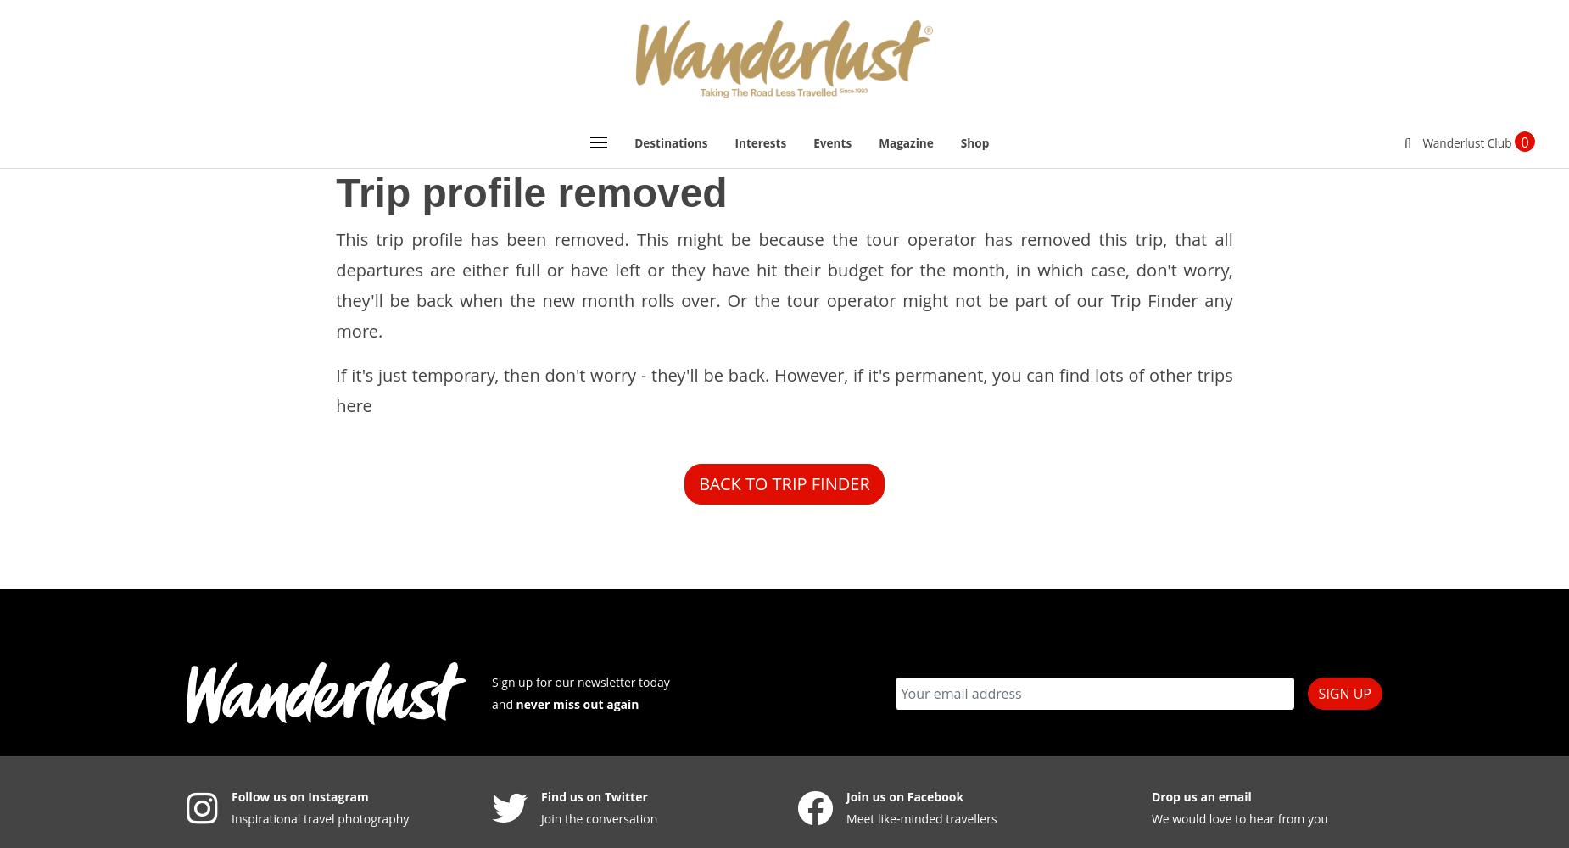  I want to click on 'Join us on Facebook', so click(904, 795).